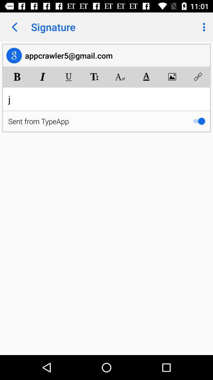 The image size is (213, 380). What do you see at coordinates (197, 76) in the screenshot?
I see `icon above j` at bounding box center [197, 76].